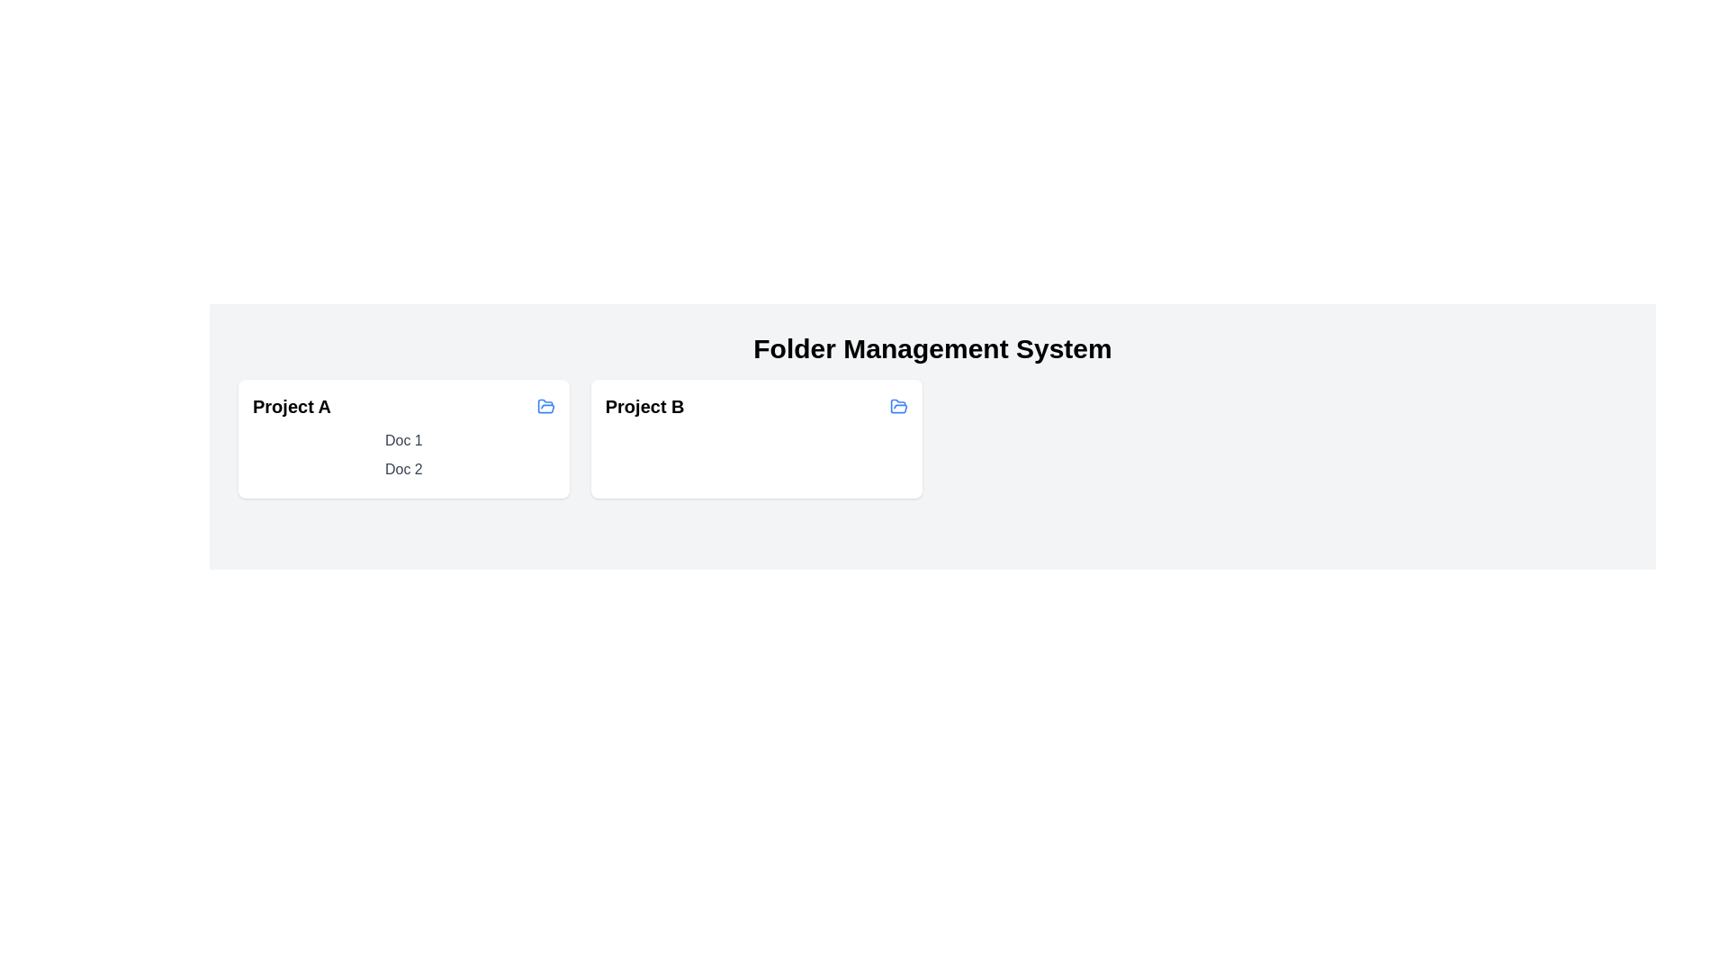 Image resolution: width=1728 pixels, height=972 pixels. What do you see at coordinates (756, 406) in the screenshot?
I see `the folder named Project B to highlight it` at bounding box center [756, 406].